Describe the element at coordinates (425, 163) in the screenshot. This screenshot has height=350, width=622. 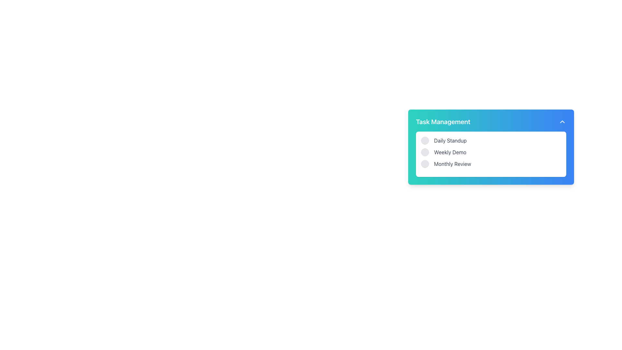
I see `the radio button` at that location.